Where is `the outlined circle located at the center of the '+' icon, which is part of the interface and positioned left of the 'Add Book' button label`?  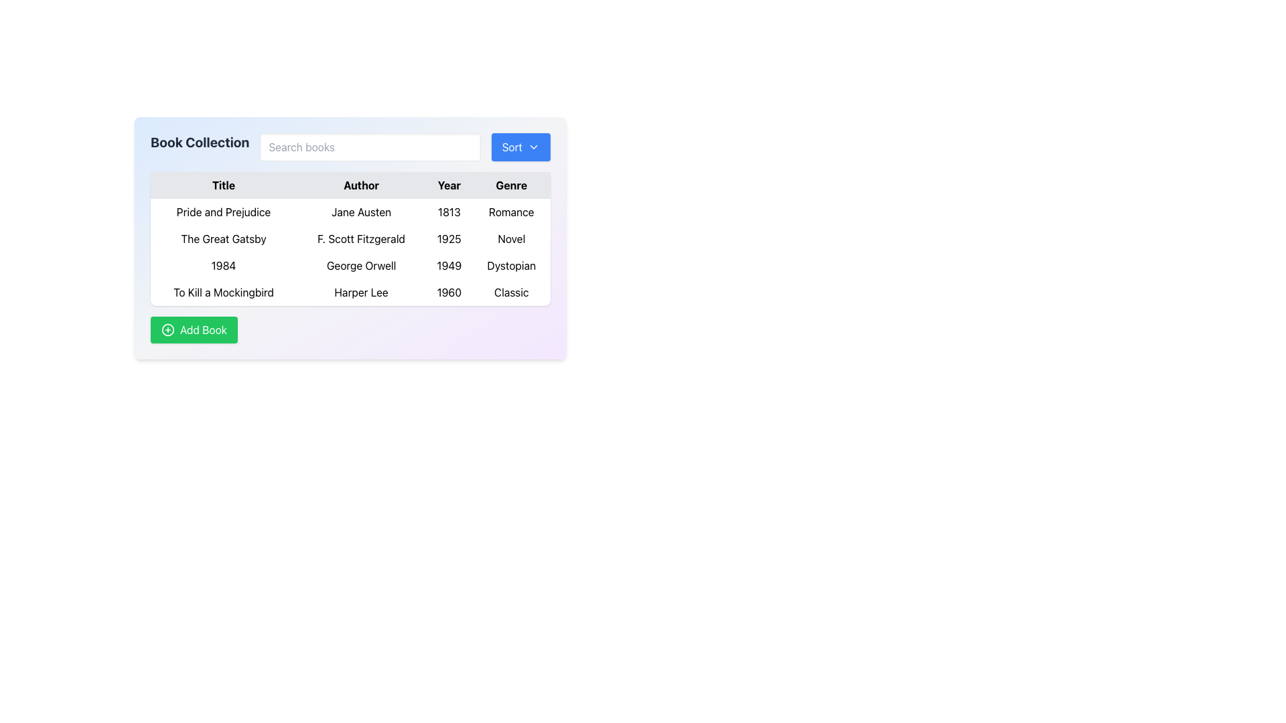
the outlined circle located at the center of the '+' icon, which is part of the interface and positioned left of the 'Add Book' button label is located at coordinates (167, 330).